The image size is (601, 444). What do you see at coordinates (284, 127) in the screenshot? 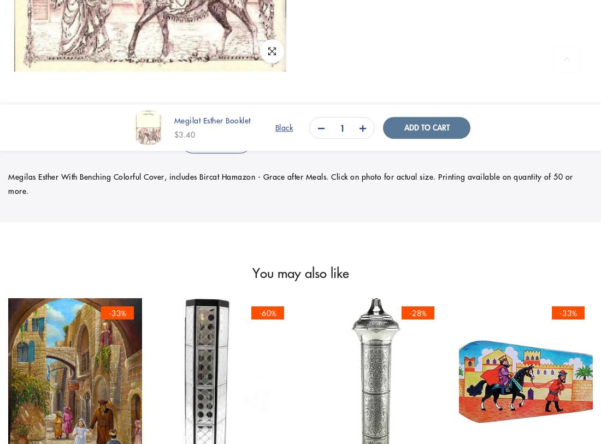
I see `'Black'` at bounding box center [284, 127].